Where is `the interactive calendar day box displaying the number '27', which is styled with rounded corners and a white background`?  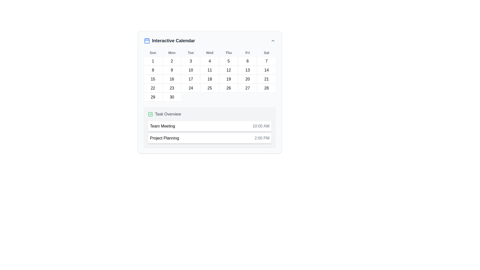
the interactive calendar day box displaying the number '27', which is styled with rounded corners and a white background is located at coordinates (247, 88).